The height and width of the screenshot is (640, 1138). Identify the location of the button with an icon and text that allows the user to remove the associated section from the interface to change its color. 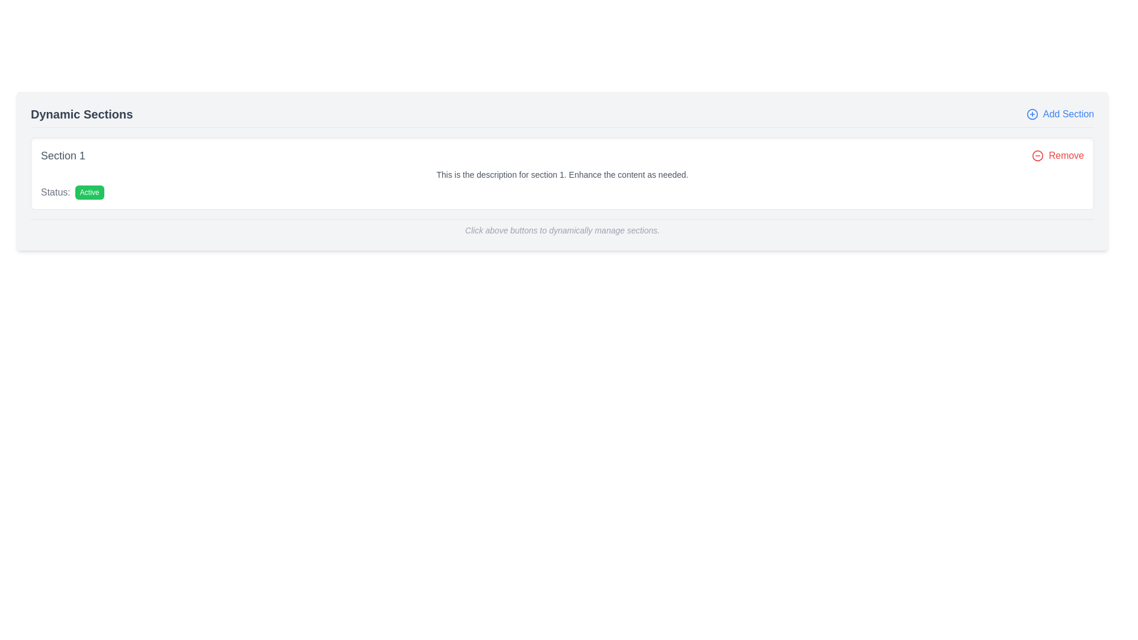
(1058, 155).